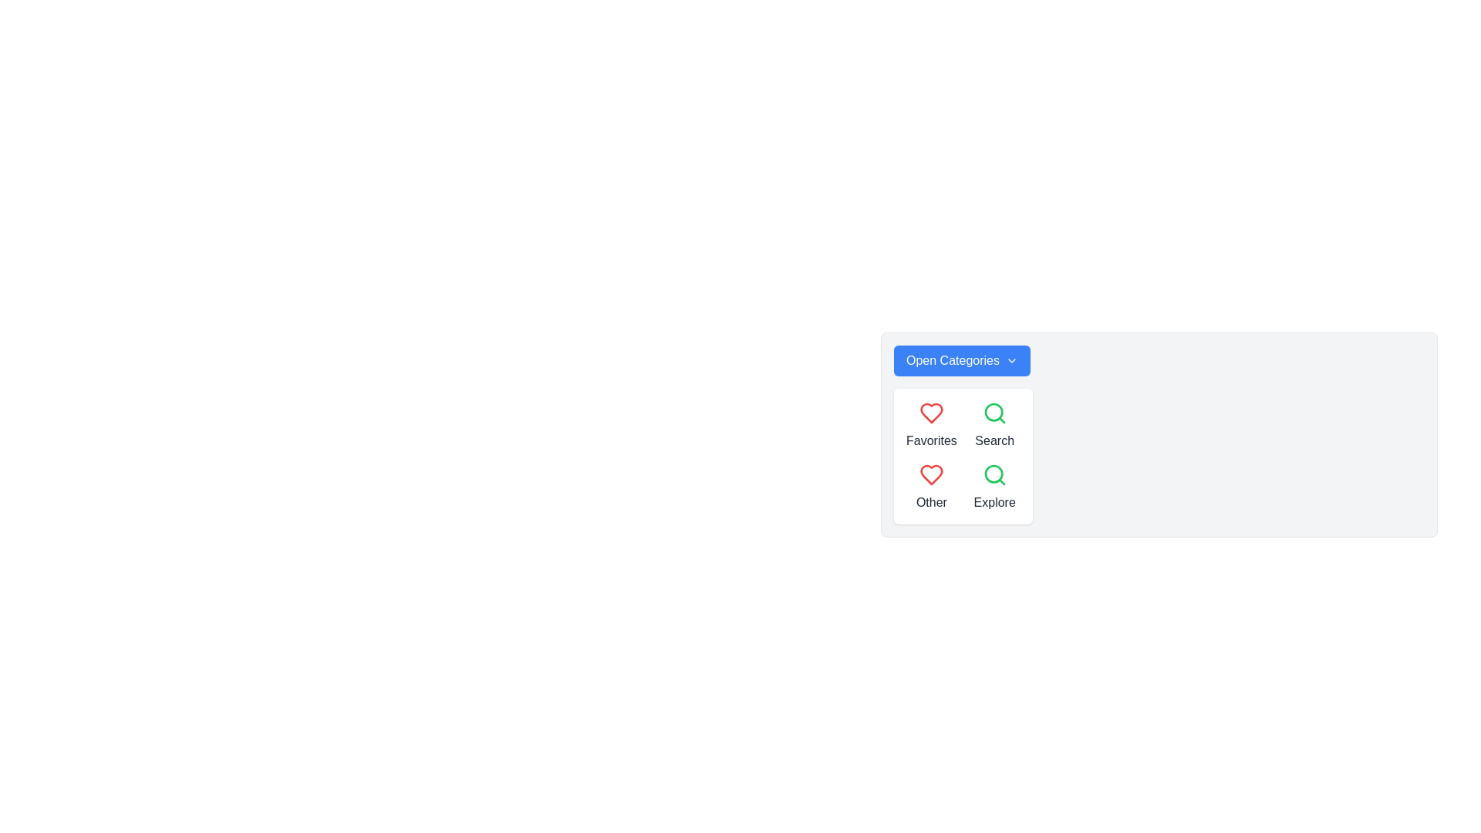 The width and height of the screenshot is (1481, 833). What do you see at coordinates (930, 413) in the screenshot?
I see `the red heart icon that symbolizes the 'favorite' or 'like' function, located in the 'Favorites' section of the menu` at bounding box center [930, 413].